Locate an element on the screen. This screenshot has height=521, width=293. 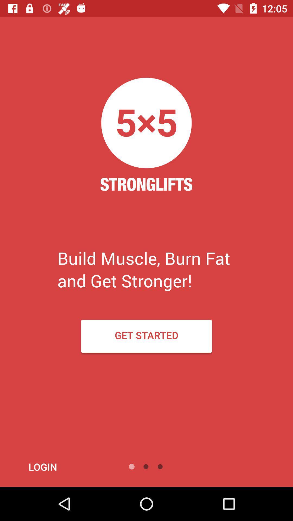
the get started icon is located at coordinates (146, 336).